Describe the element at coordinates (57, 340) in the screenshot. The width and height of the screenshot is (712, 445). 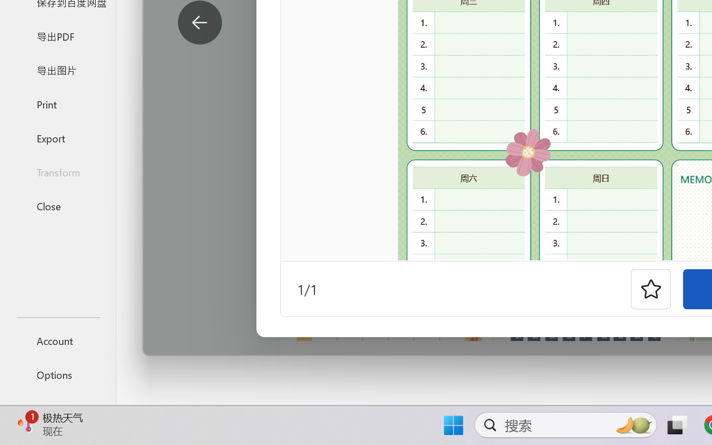
I see `'Account'` at that location.